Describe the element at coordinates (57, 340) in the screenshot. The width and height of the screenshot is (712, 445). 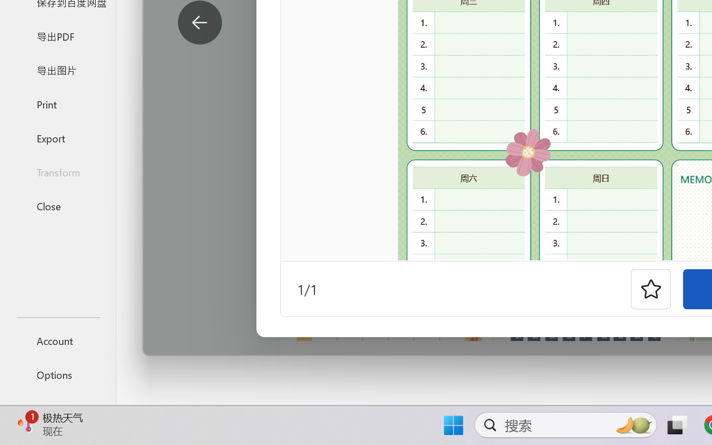
I see `'Account'` at that location.